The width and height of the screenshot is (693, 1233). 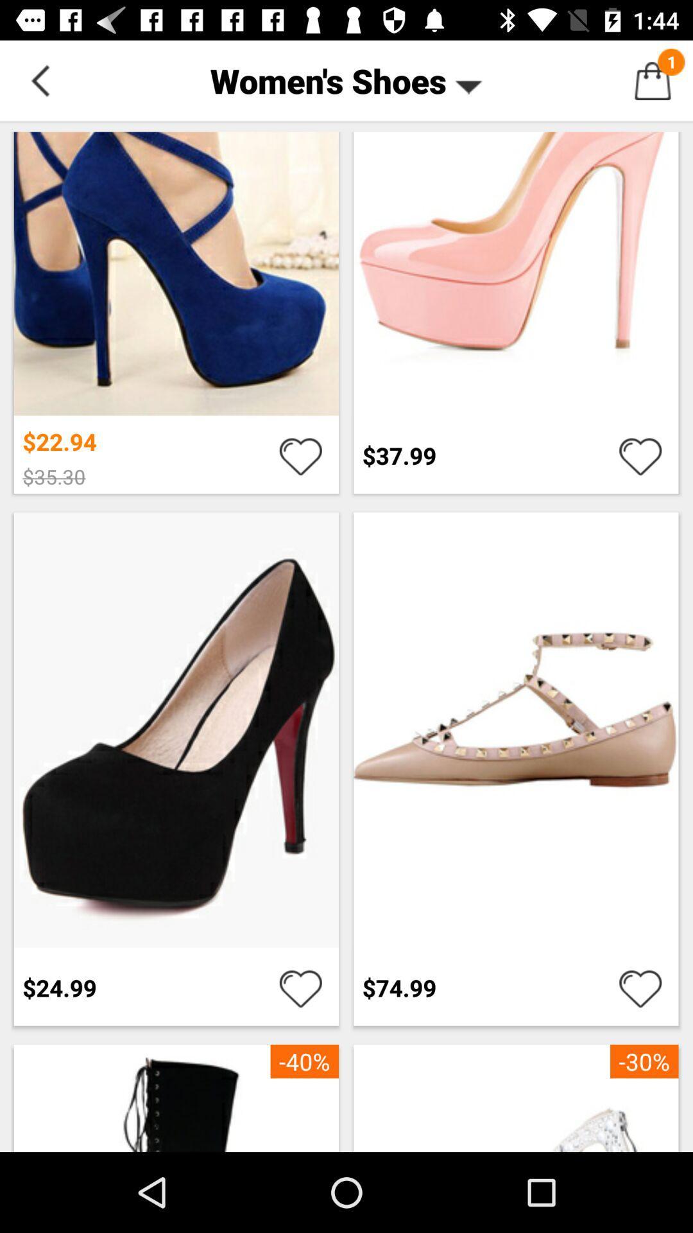 What do you see at coordinates (300, 987) in the screenshot?
I see `like the product` at bounding box center [300, 987].